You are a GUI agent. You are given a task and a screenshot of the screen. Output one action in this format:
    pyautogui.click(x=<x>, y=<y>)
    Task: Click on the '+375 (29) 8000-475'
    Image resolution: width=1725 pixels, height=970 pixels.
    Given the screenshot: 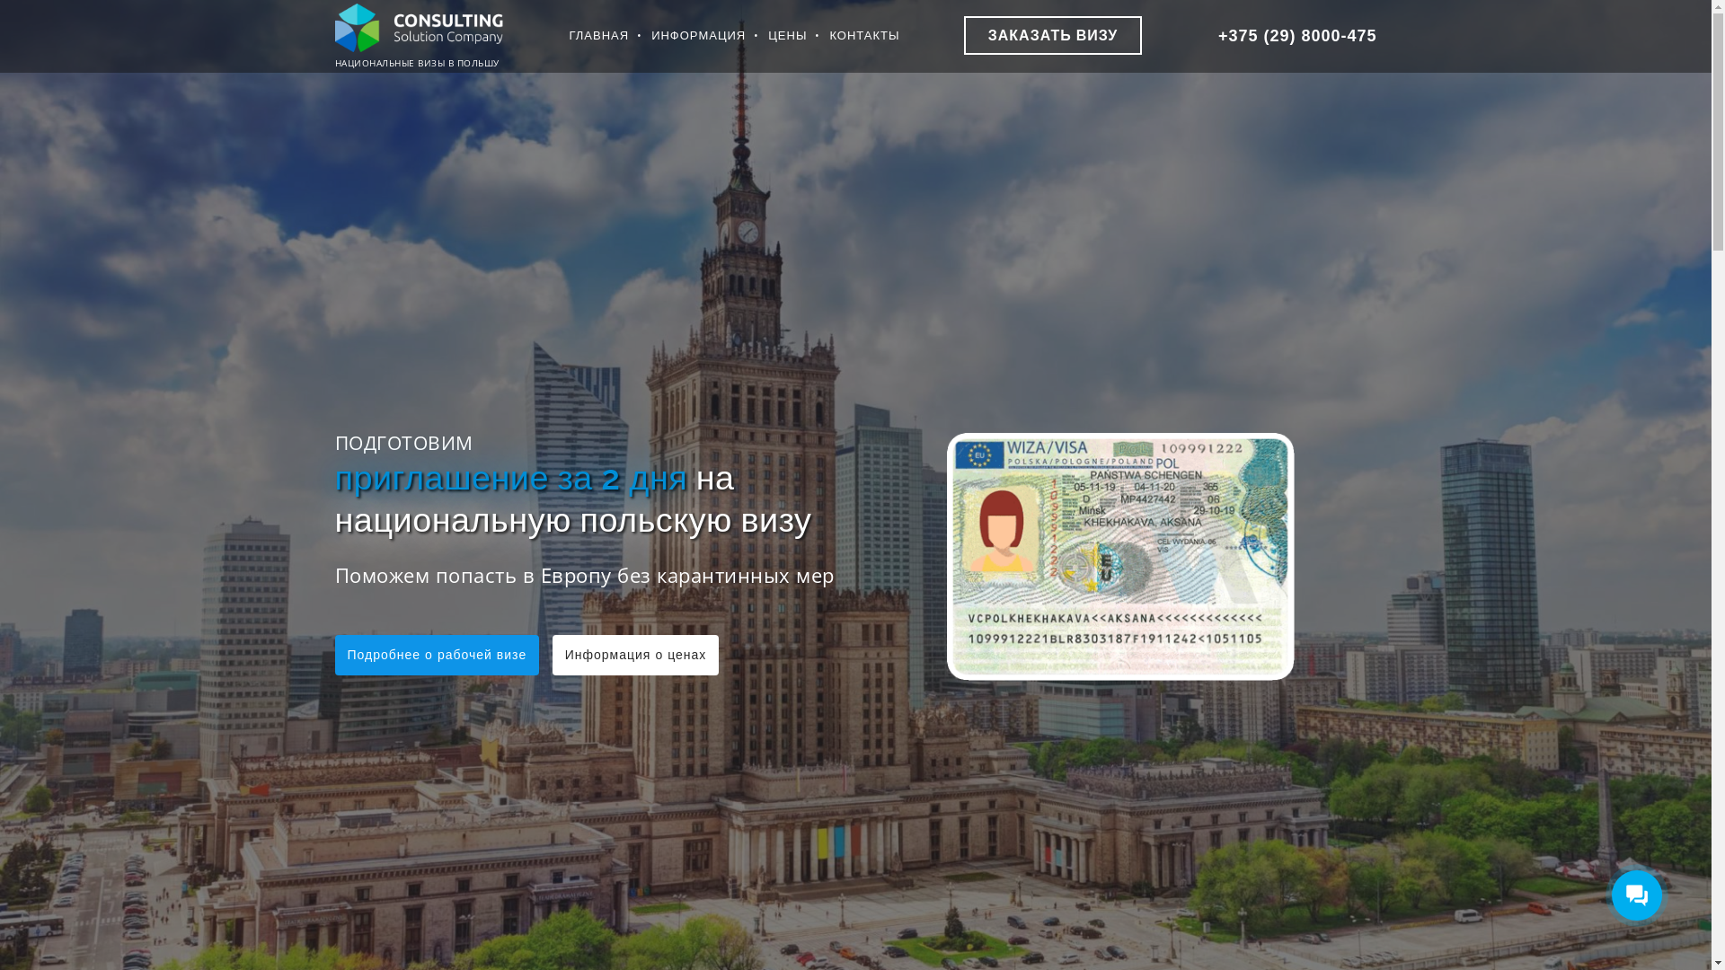 What is the action you would take?
    pyautogui.click(x=1285, y=35)
    